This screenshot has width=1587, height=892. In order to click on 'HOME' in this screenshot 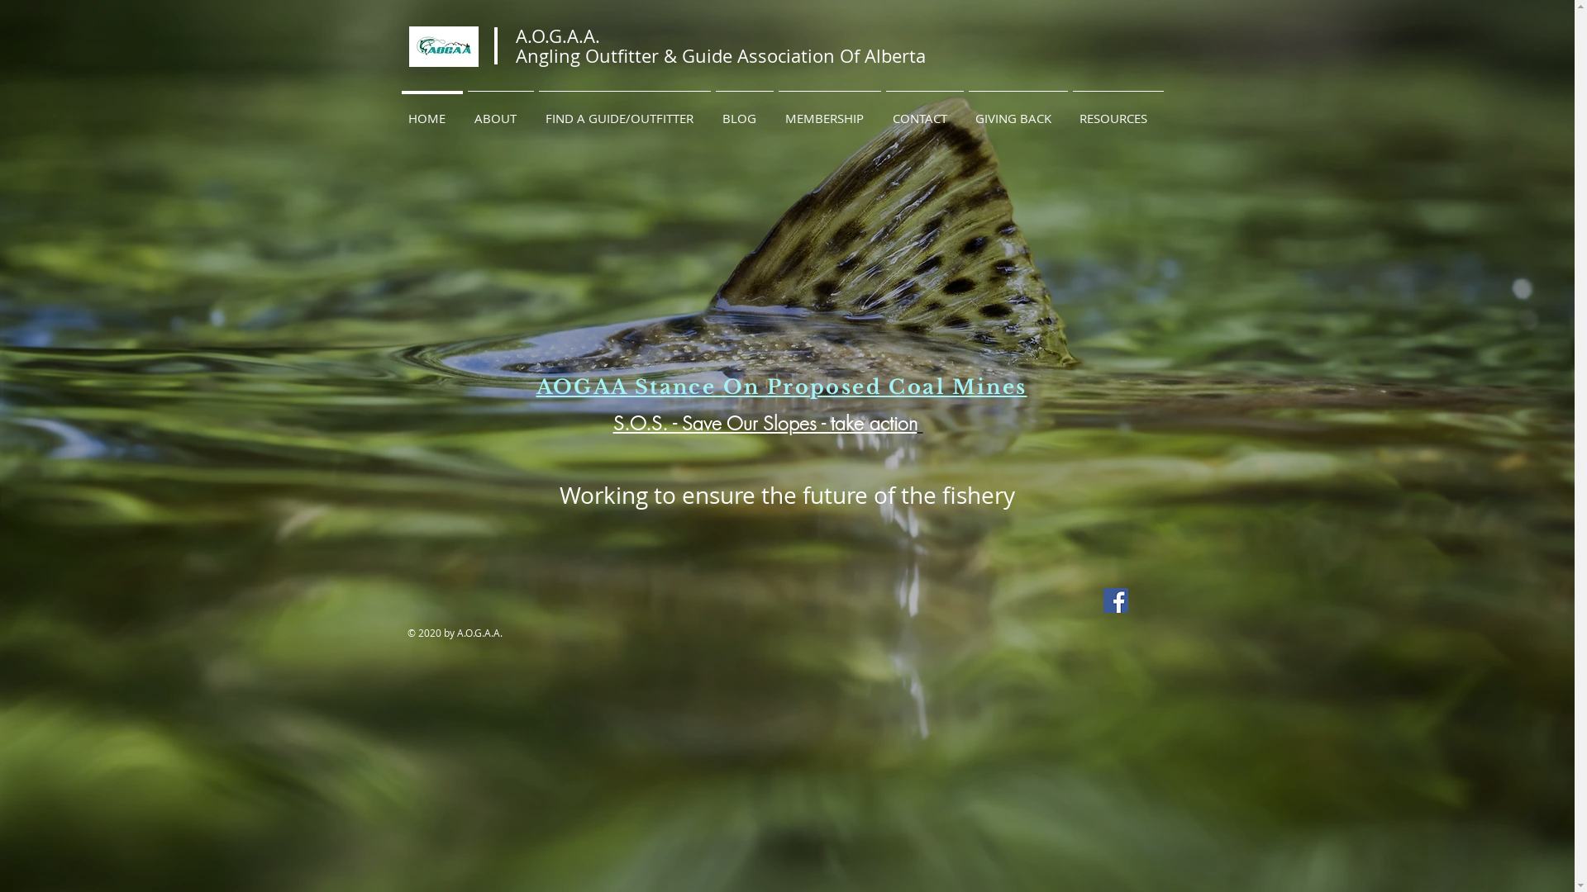, I will do `click(398, 111)`.